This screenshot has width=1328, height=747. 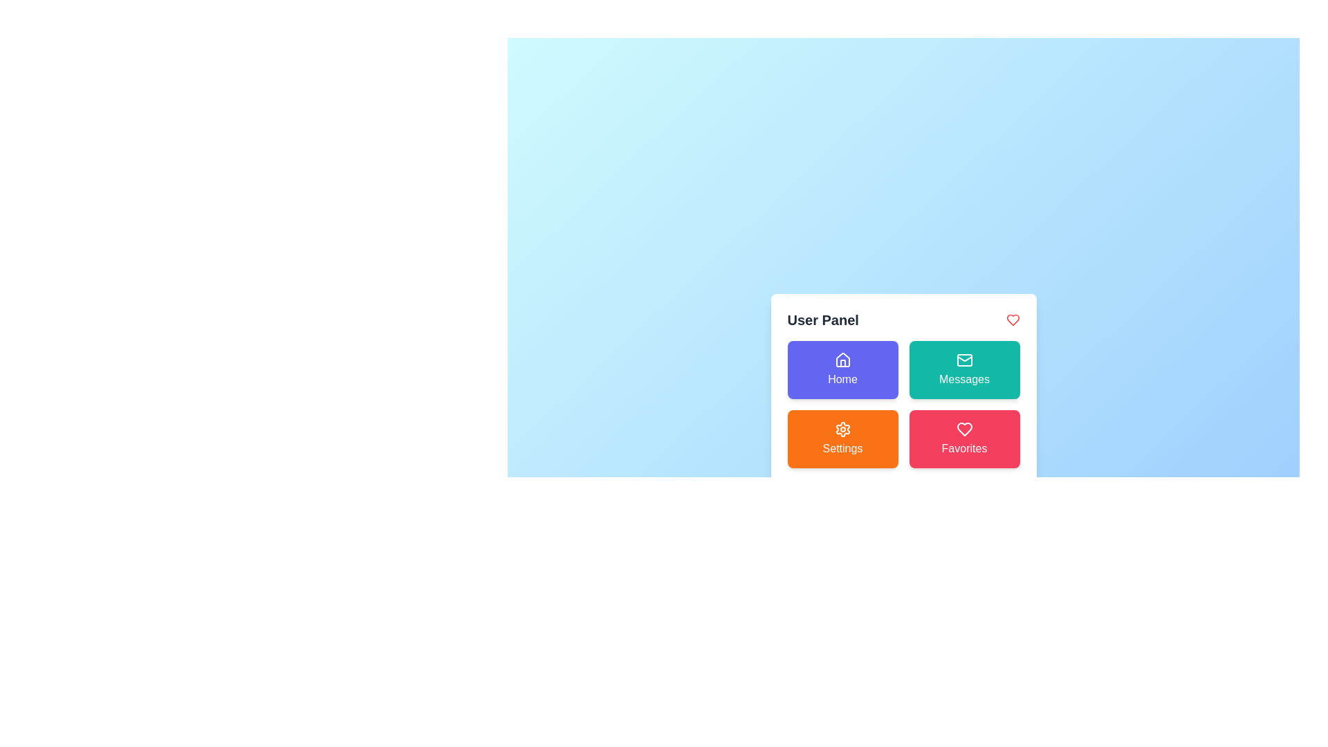 I want to click on the settings icon located within the third button of a 2x2 grid layout below the 'User Panel' heading, so click(x=842, y=429).